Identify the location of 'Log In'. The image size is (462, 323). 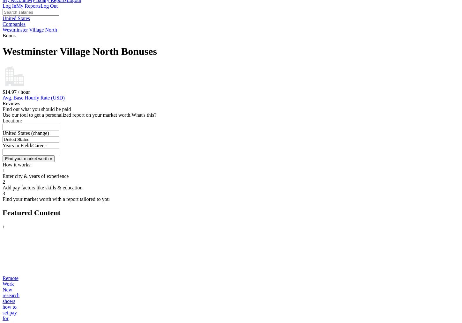
(2, 5).